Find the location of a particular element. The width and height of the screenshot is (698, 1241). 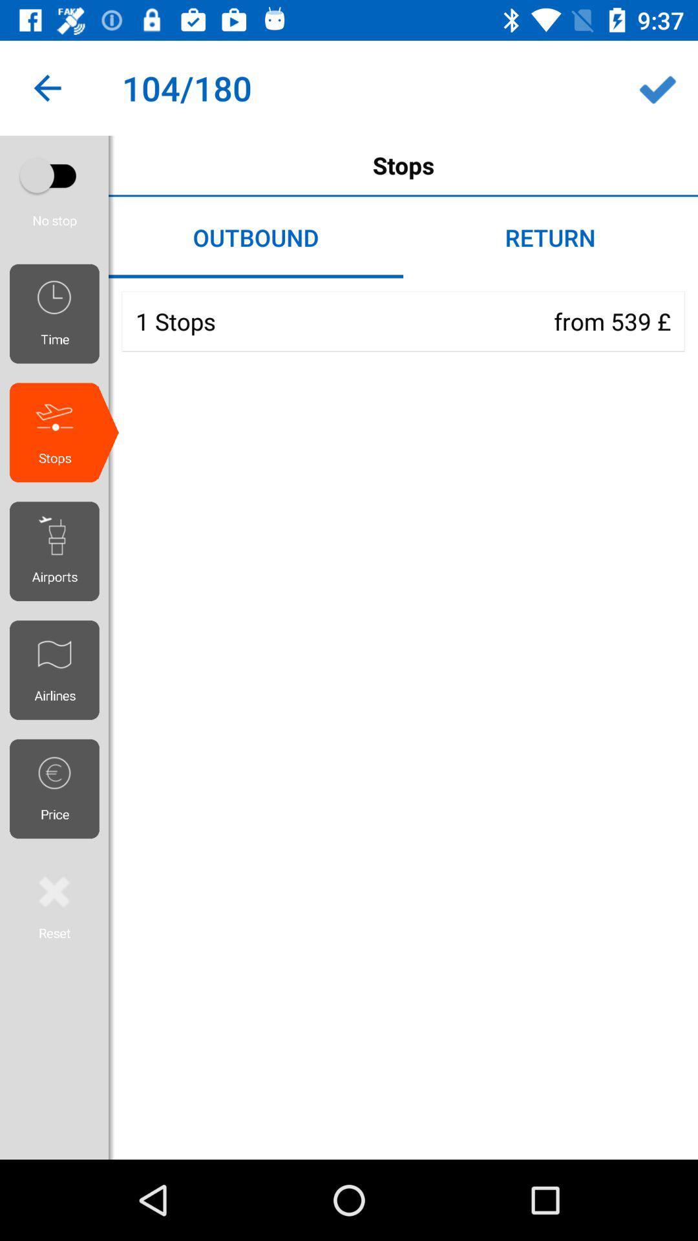

item above the stops item is located at coordinates (657, 87).